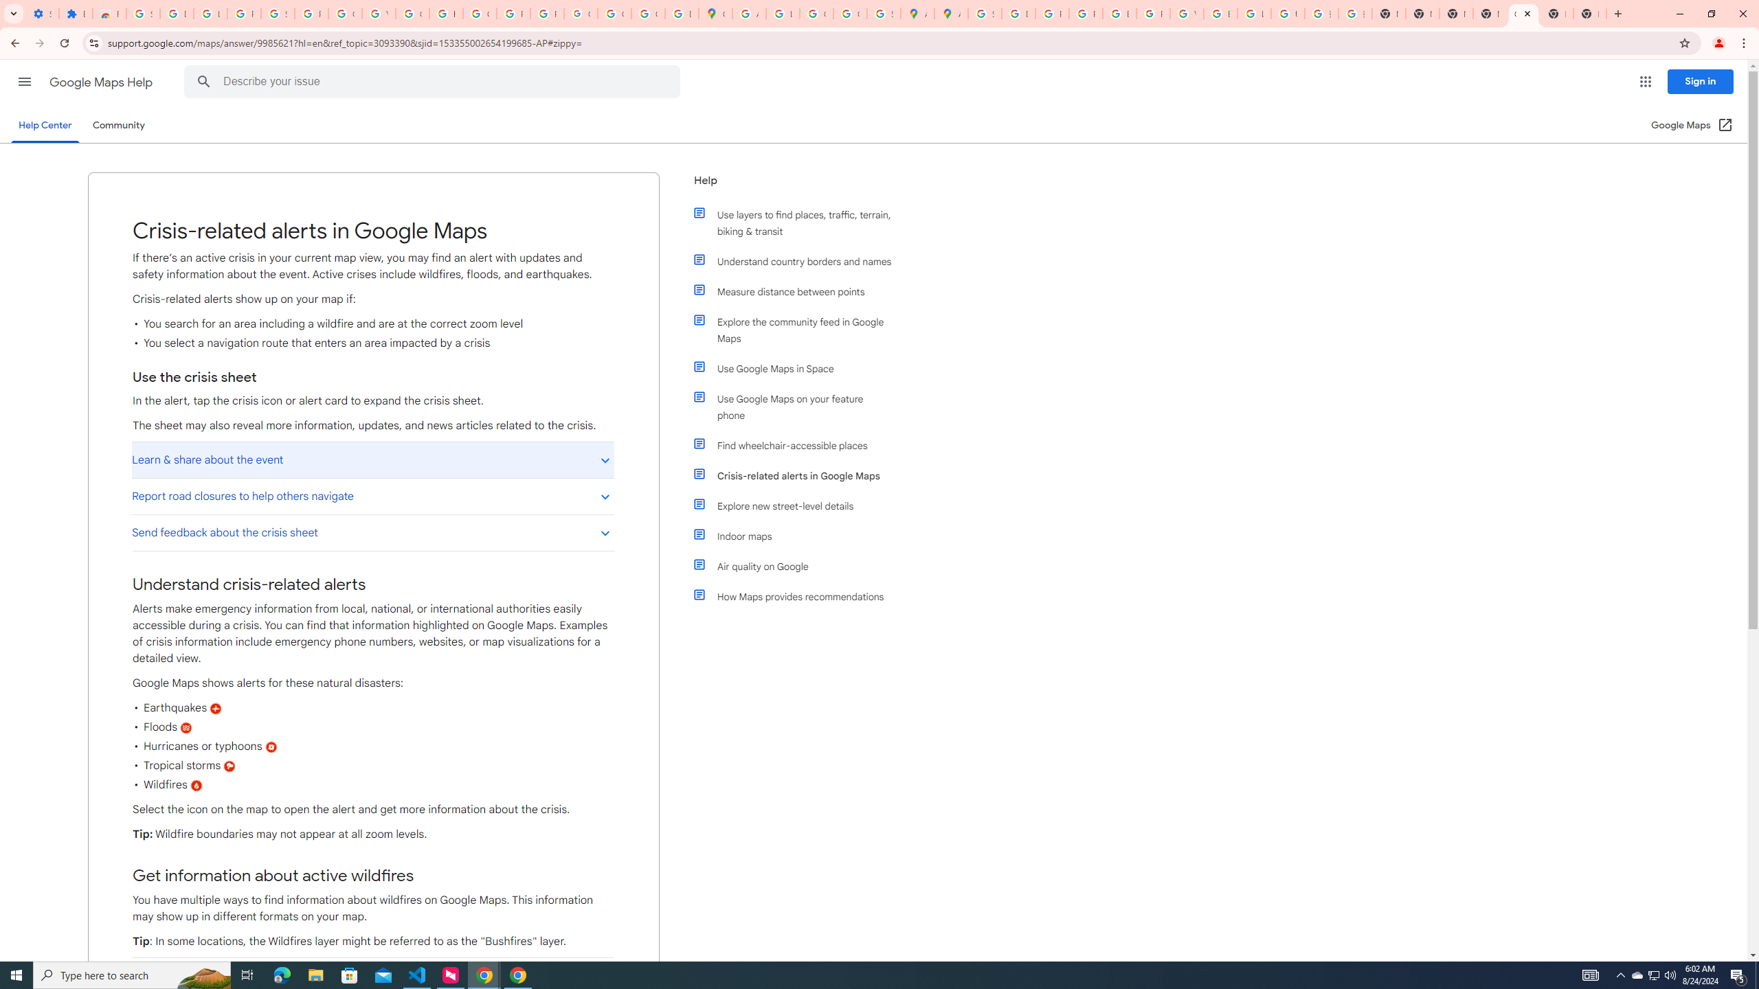  What do you see at coordinates (798, 406) in the screenshot?
I see `'Use Google Maps on your feature phone'` at bounding box center [798, 406].